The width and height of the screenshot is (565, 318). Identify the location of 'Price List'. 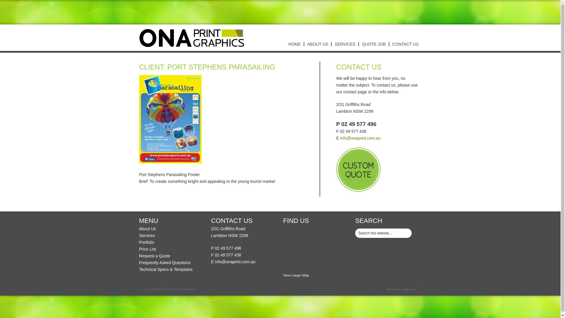
(138, 249).